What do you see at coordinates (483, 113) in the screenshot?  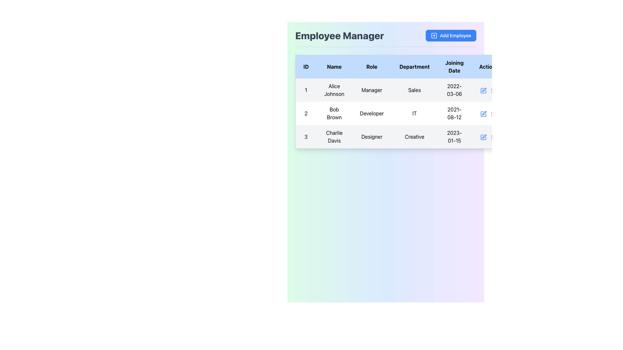 I see `the small blue pen icon in the 'Actions' column next to the 'Developer' row` at bounding box center [483, 113].